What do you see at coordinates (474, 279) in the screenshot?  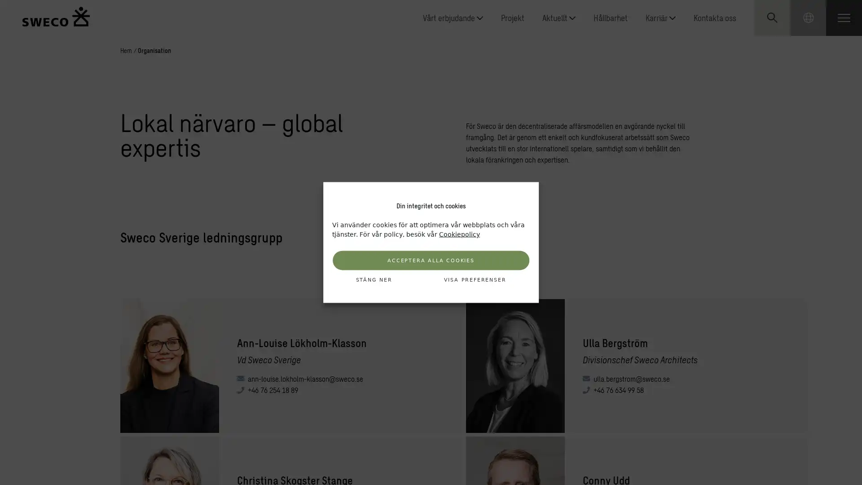 I see `VISA PREFERENSER` at bounding box center [474, 279].